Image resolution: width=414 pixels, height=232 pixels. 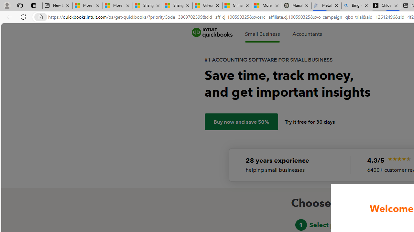 What do you see at coordinates (262, 34) in the screenshot?
I see `'Small Business'` at bounding box center [262, 34].